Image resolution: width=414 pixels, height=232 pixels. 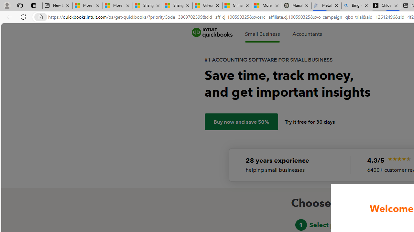 What do you see at coordinates (262, 34) in the screenshot?
I see `'Small Business'` at bounding box center [262, 34].